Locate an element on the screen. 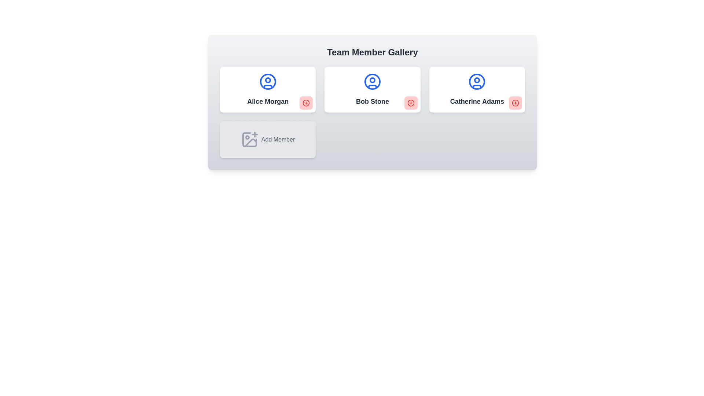  the presentation card representing team member 'Alice Morgan', located at the top-left corner of the grid layout is located at coordinates (267, 89).